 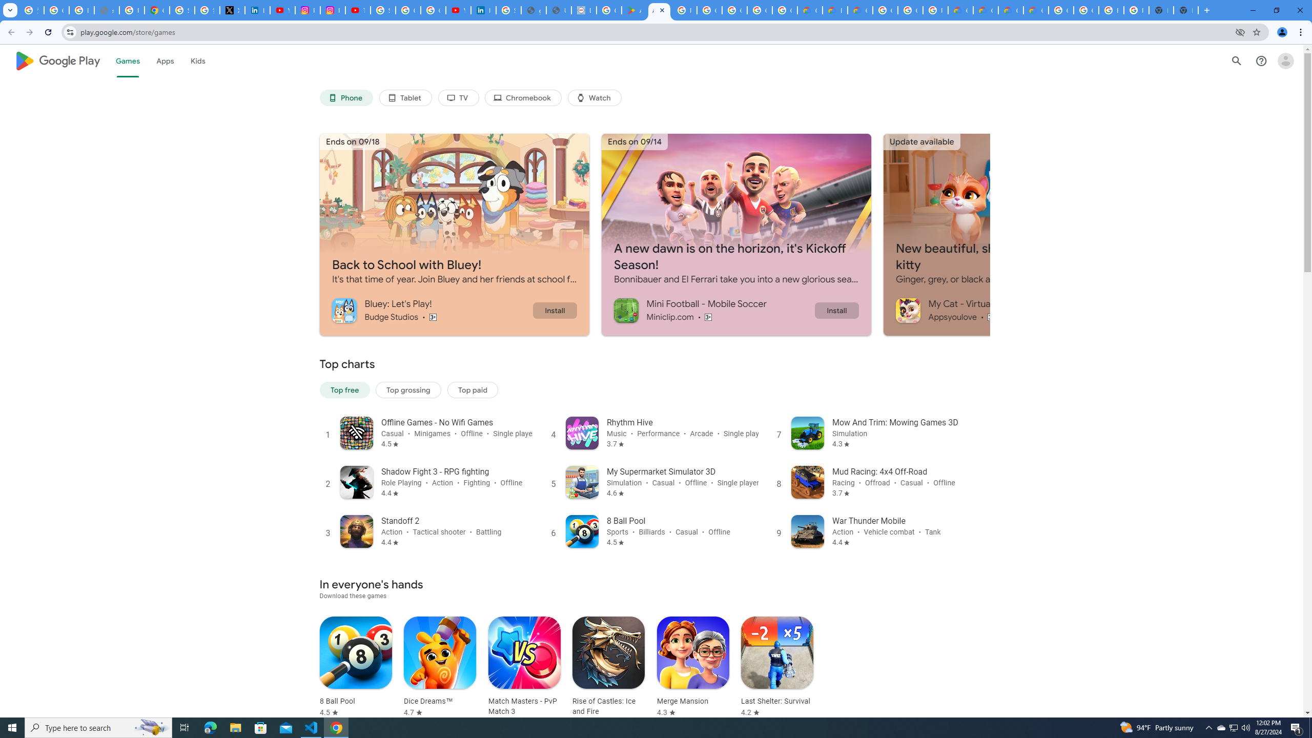 I want to click on 'Phone', so click(x=345, y=98).